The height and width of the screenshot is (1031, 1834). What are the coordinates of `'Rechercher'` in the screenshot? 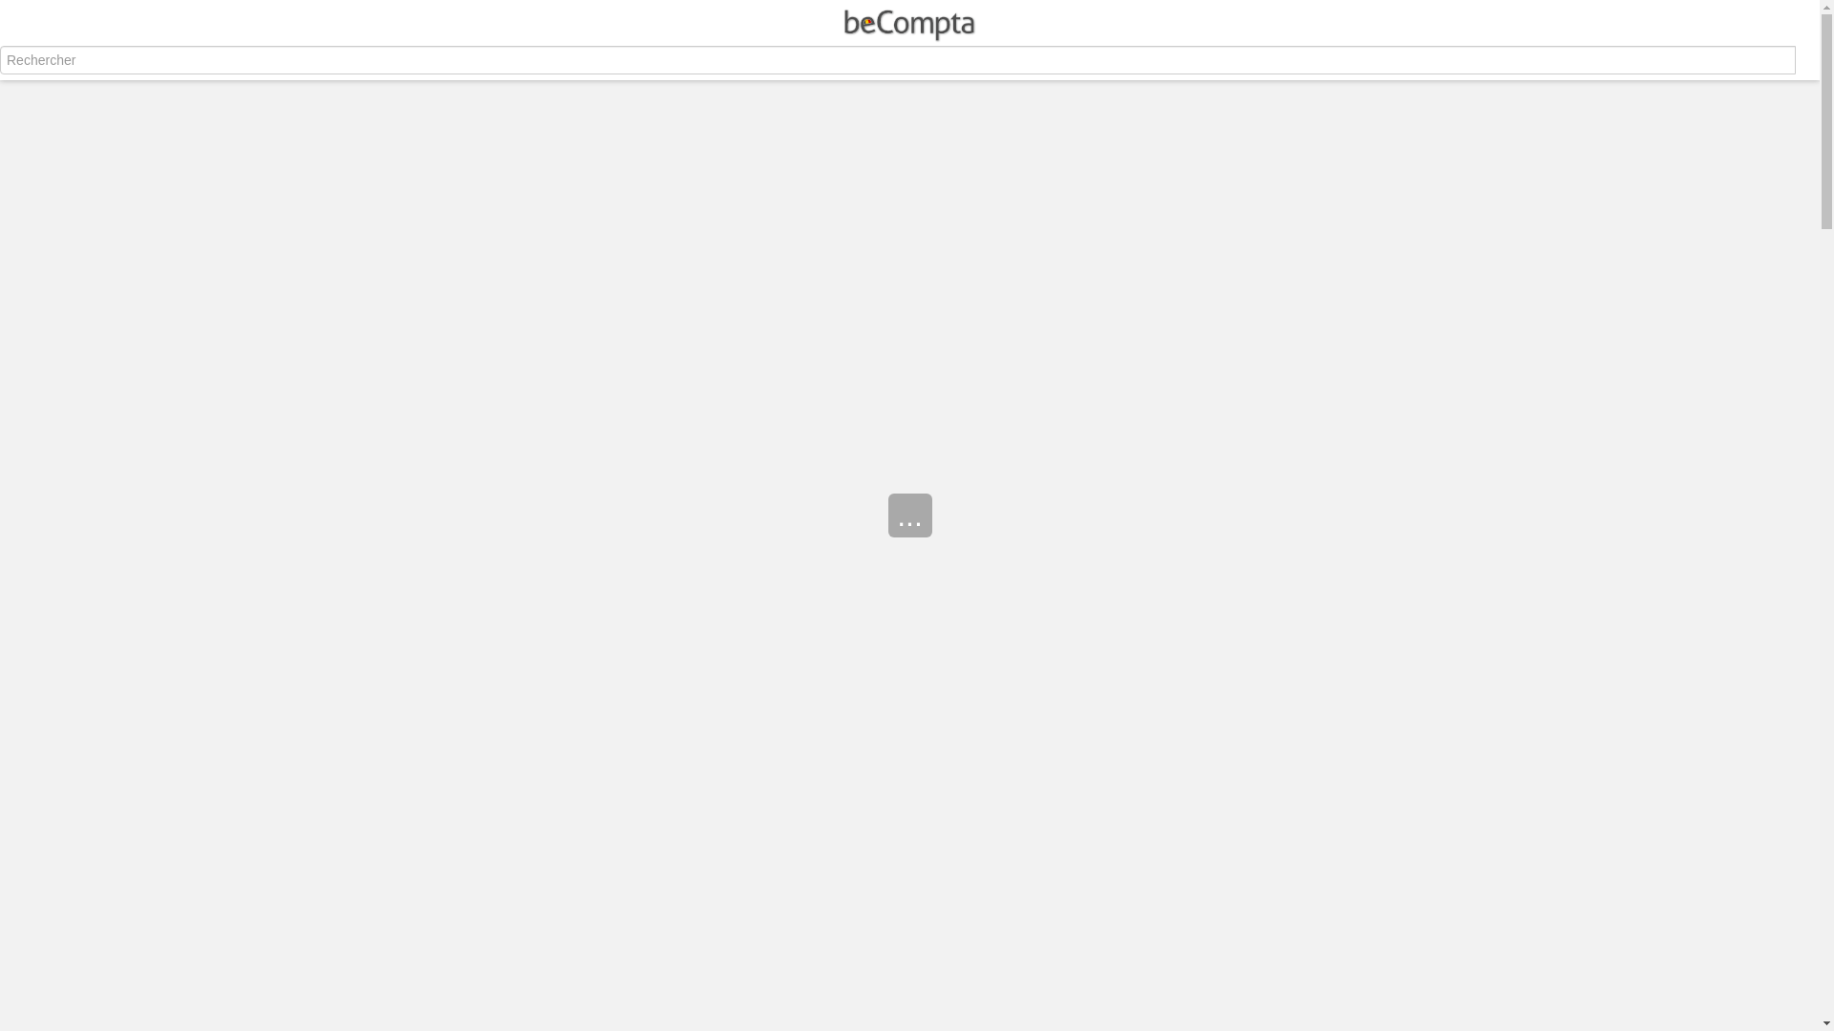 It's located at (0, 74).